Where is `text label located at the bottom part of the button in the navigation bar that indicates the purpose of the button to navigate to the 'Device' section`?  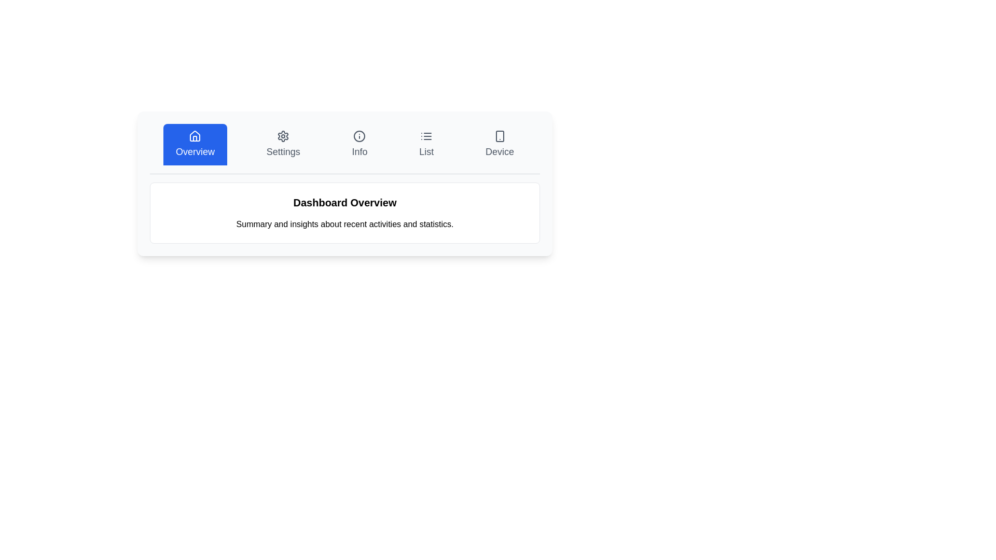 text label located at the bottom part of the button in the navigation bar that indicates the purpose of the button to navigate to the 'Device' section is located at coordinates (500, 152).